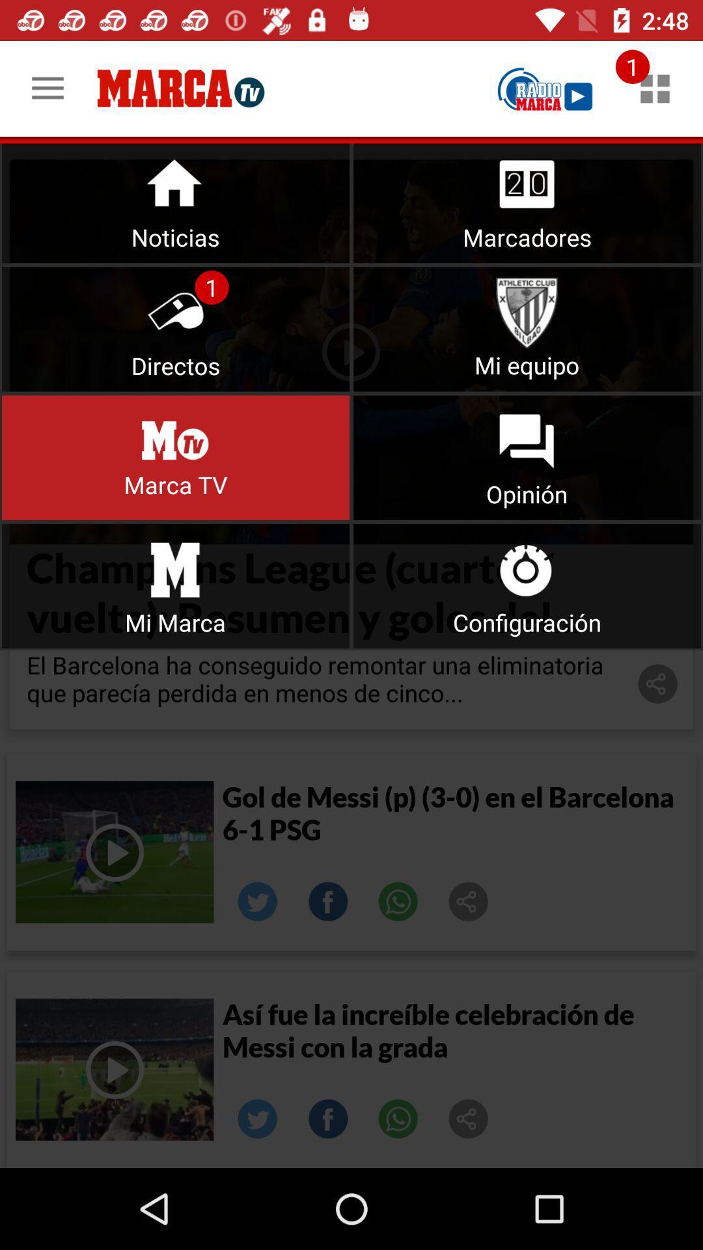 The image size is (703, 1250). I want to click on the article, so click(114, 1069).